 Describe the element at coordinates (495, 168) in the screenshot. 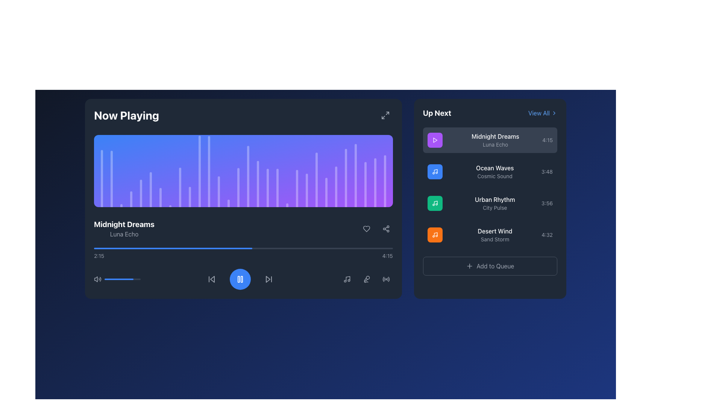

I see `the static text element that serves as the title of the media item, located in the middle of the 'Up Next' list on the right side of the interface` at that location.